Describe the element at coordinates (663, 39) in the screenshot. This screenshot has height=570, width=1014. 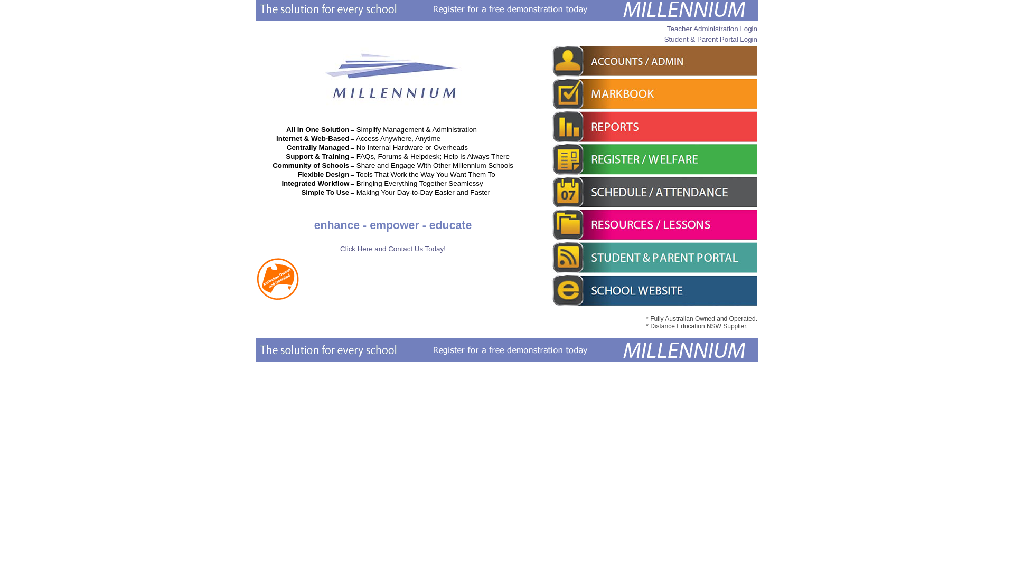
I see `'Student & Parent Portal Login'` at that location.